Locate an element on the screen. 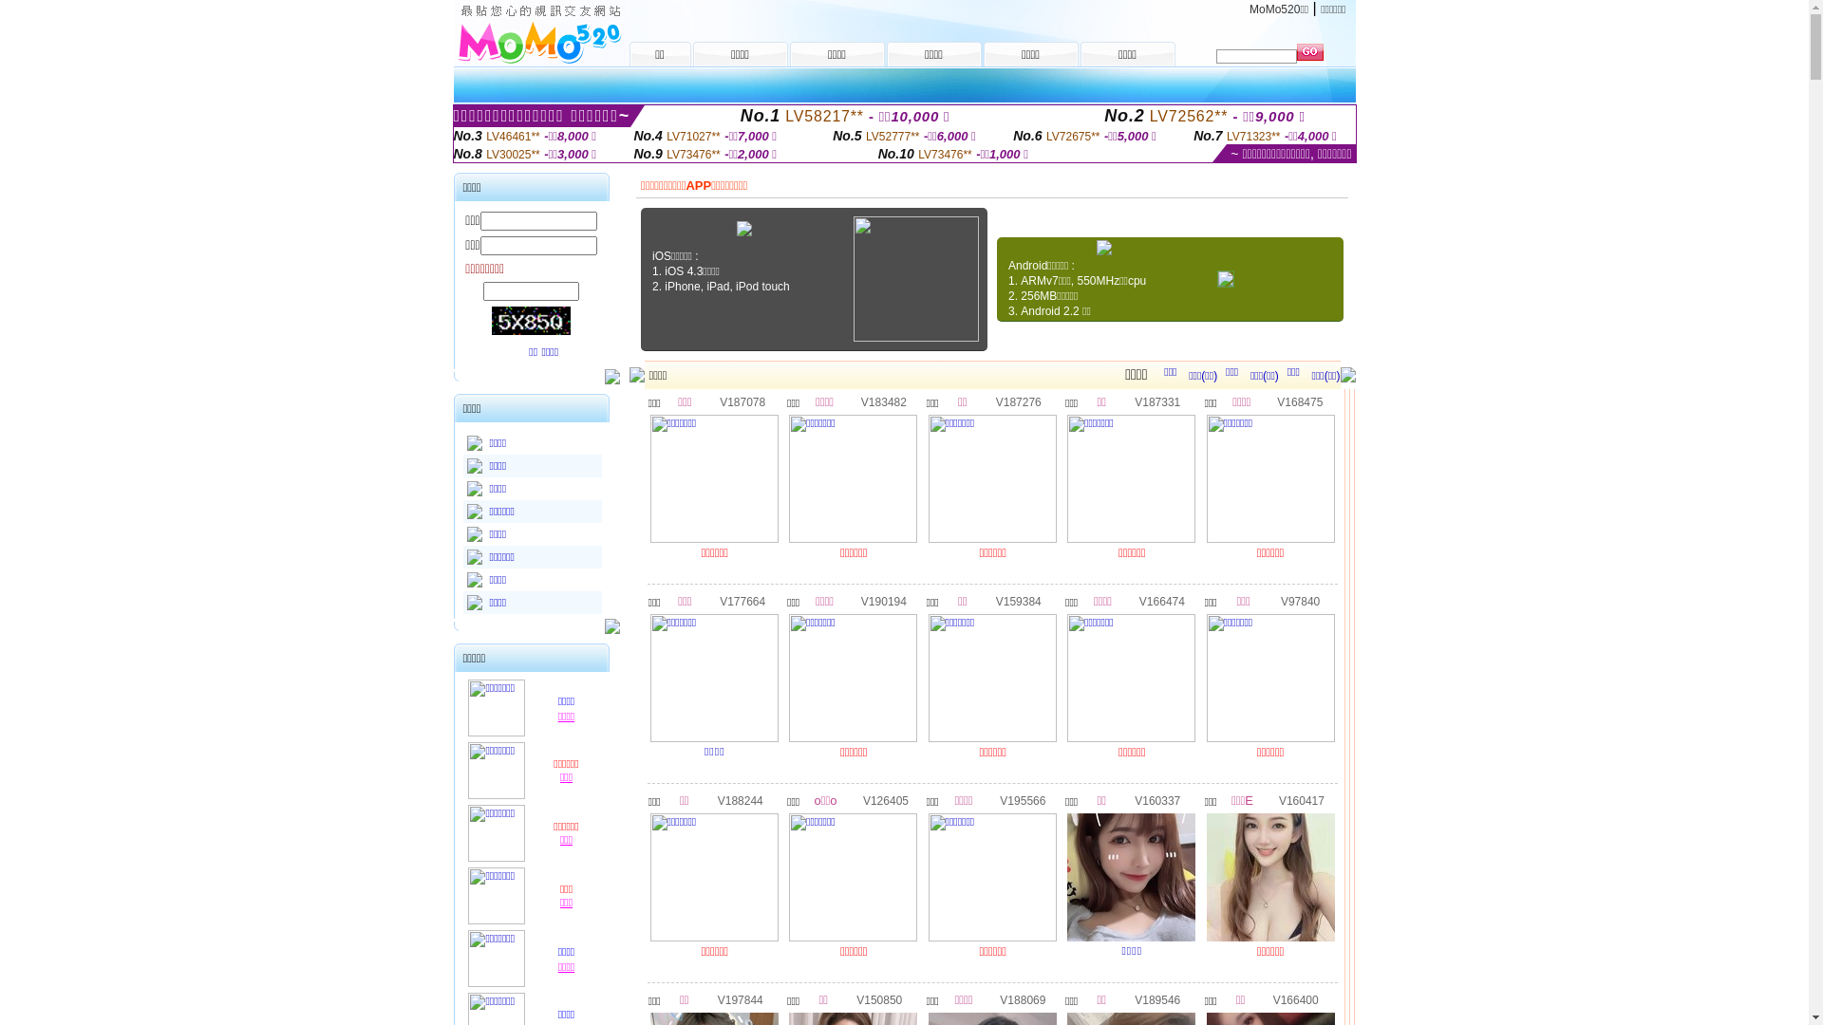 Image resolution: width=1823 pixels, height=1025 pixels. 'V190194' is located at coordinates (883, 600).